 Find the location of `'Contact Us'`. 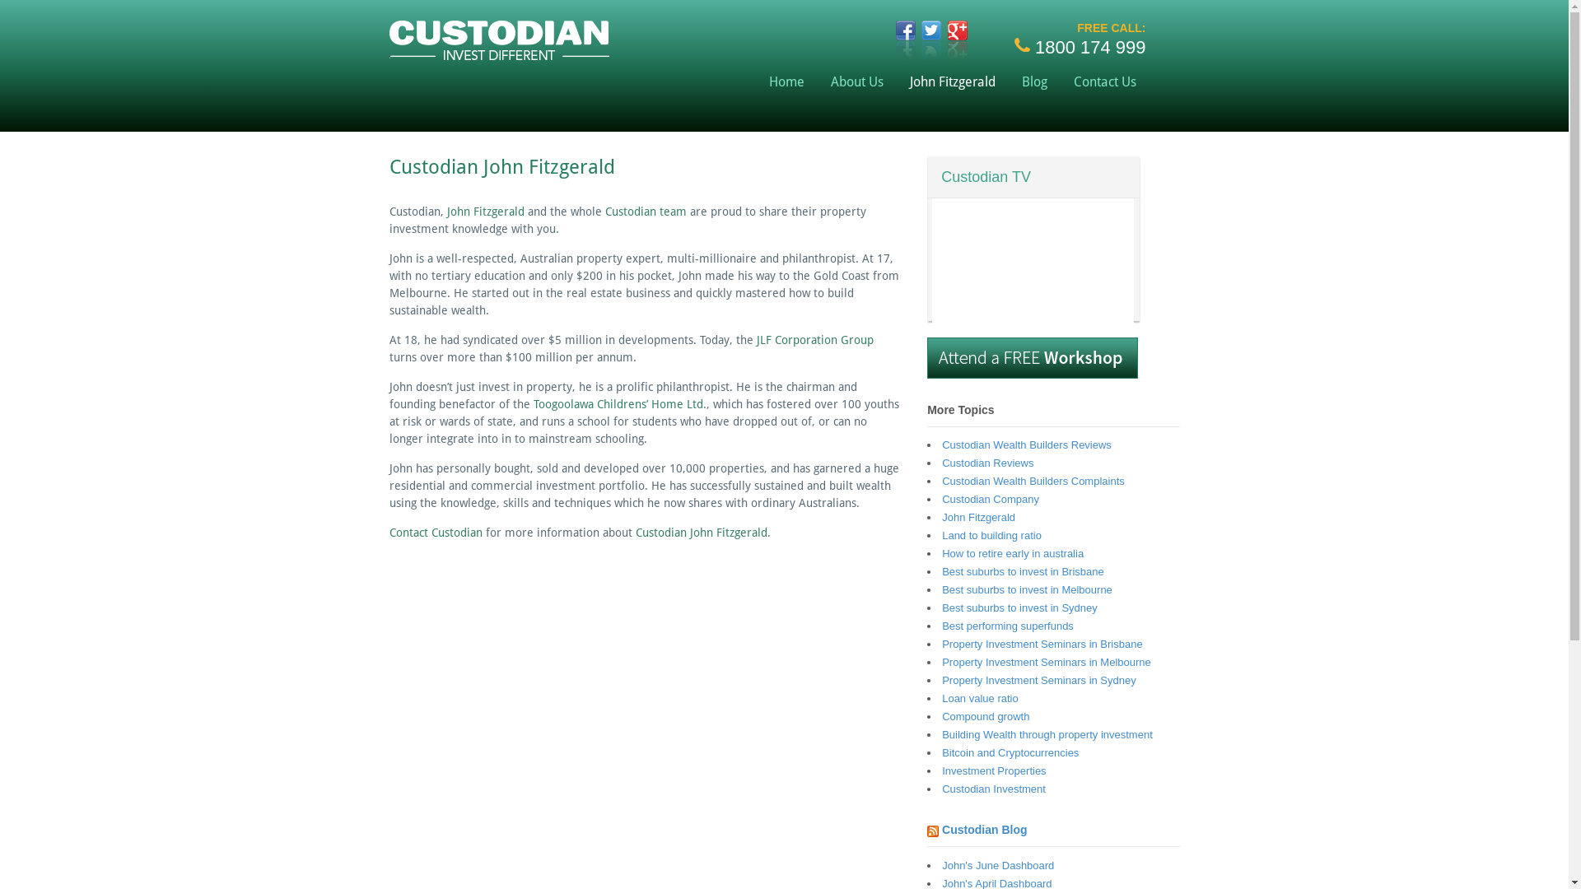

'Contact Us' is located at coordinates (1060, 81).